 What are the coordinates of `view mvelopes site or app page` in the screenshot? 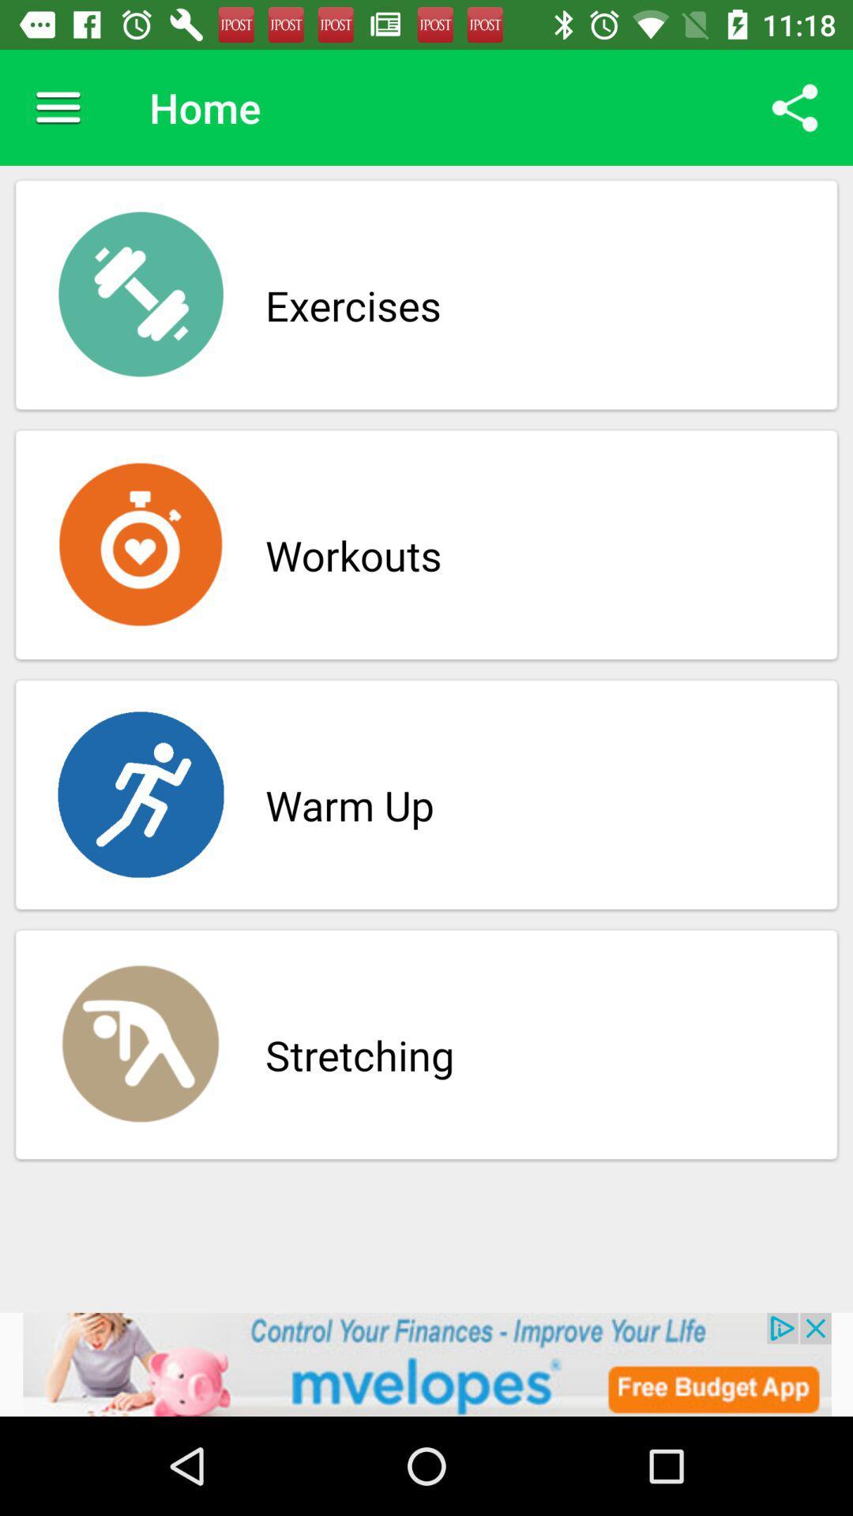 It's located at (426, 1364).